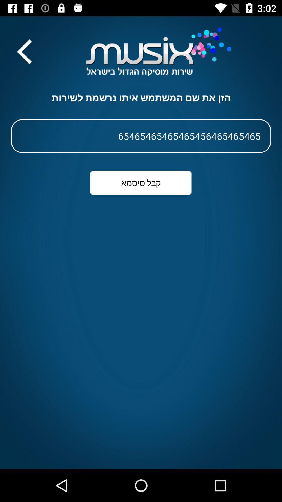 The image size is (282, 502). What do you see at coordinates (25, 52) in the screenshot?
I see `the arrow_backward icon` at bounding box center [25, 52].